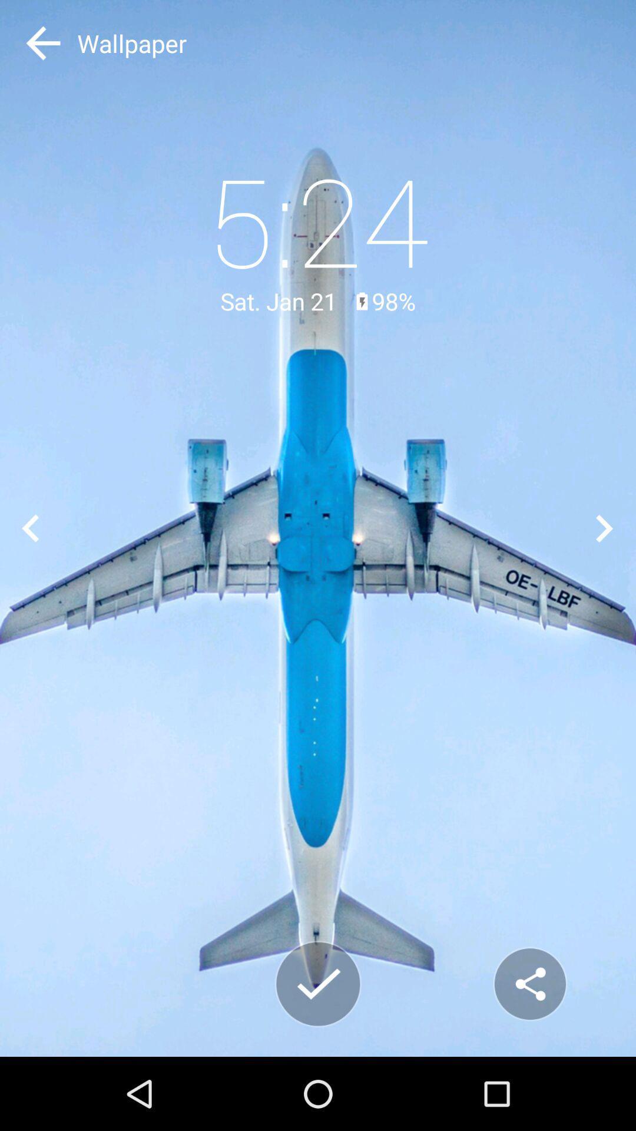  What do you see at coordinates (605, 528) in the screenshot?
I see `the arrow_forward icon` at bounding box center [605, 528].